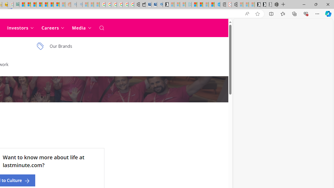 The width and height of the screenshot is (334, 188). Describe the element at coordinates (159, 4) in the screenshot. I see `'Bing Real Estate - Home sales and rental listings'` at that location.